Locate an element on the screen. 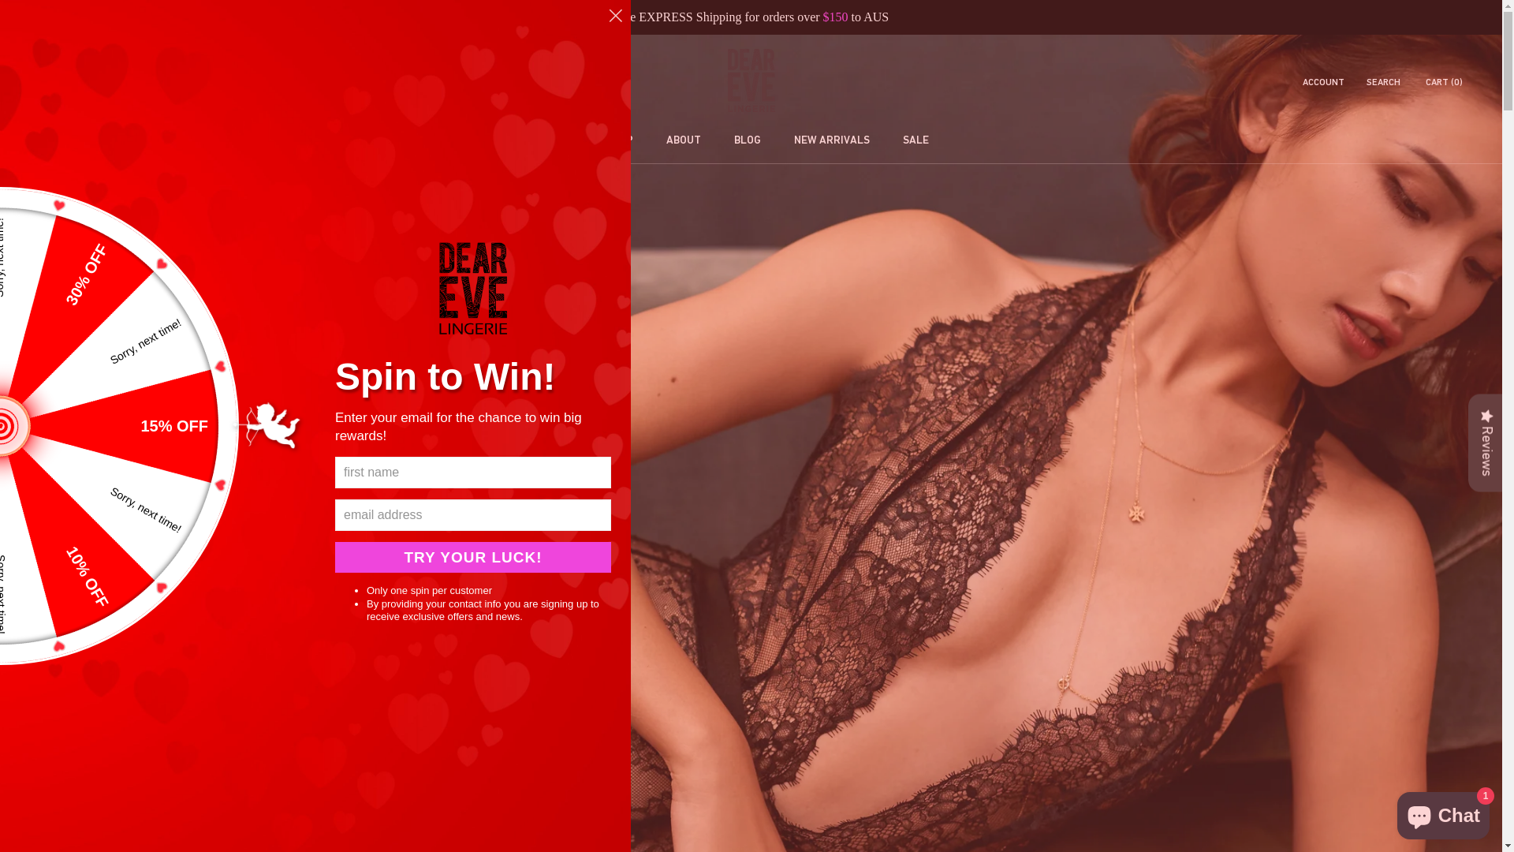 This screenshot has height=852, width=1514. 'ABOUT is located at coordinates (650, 139).